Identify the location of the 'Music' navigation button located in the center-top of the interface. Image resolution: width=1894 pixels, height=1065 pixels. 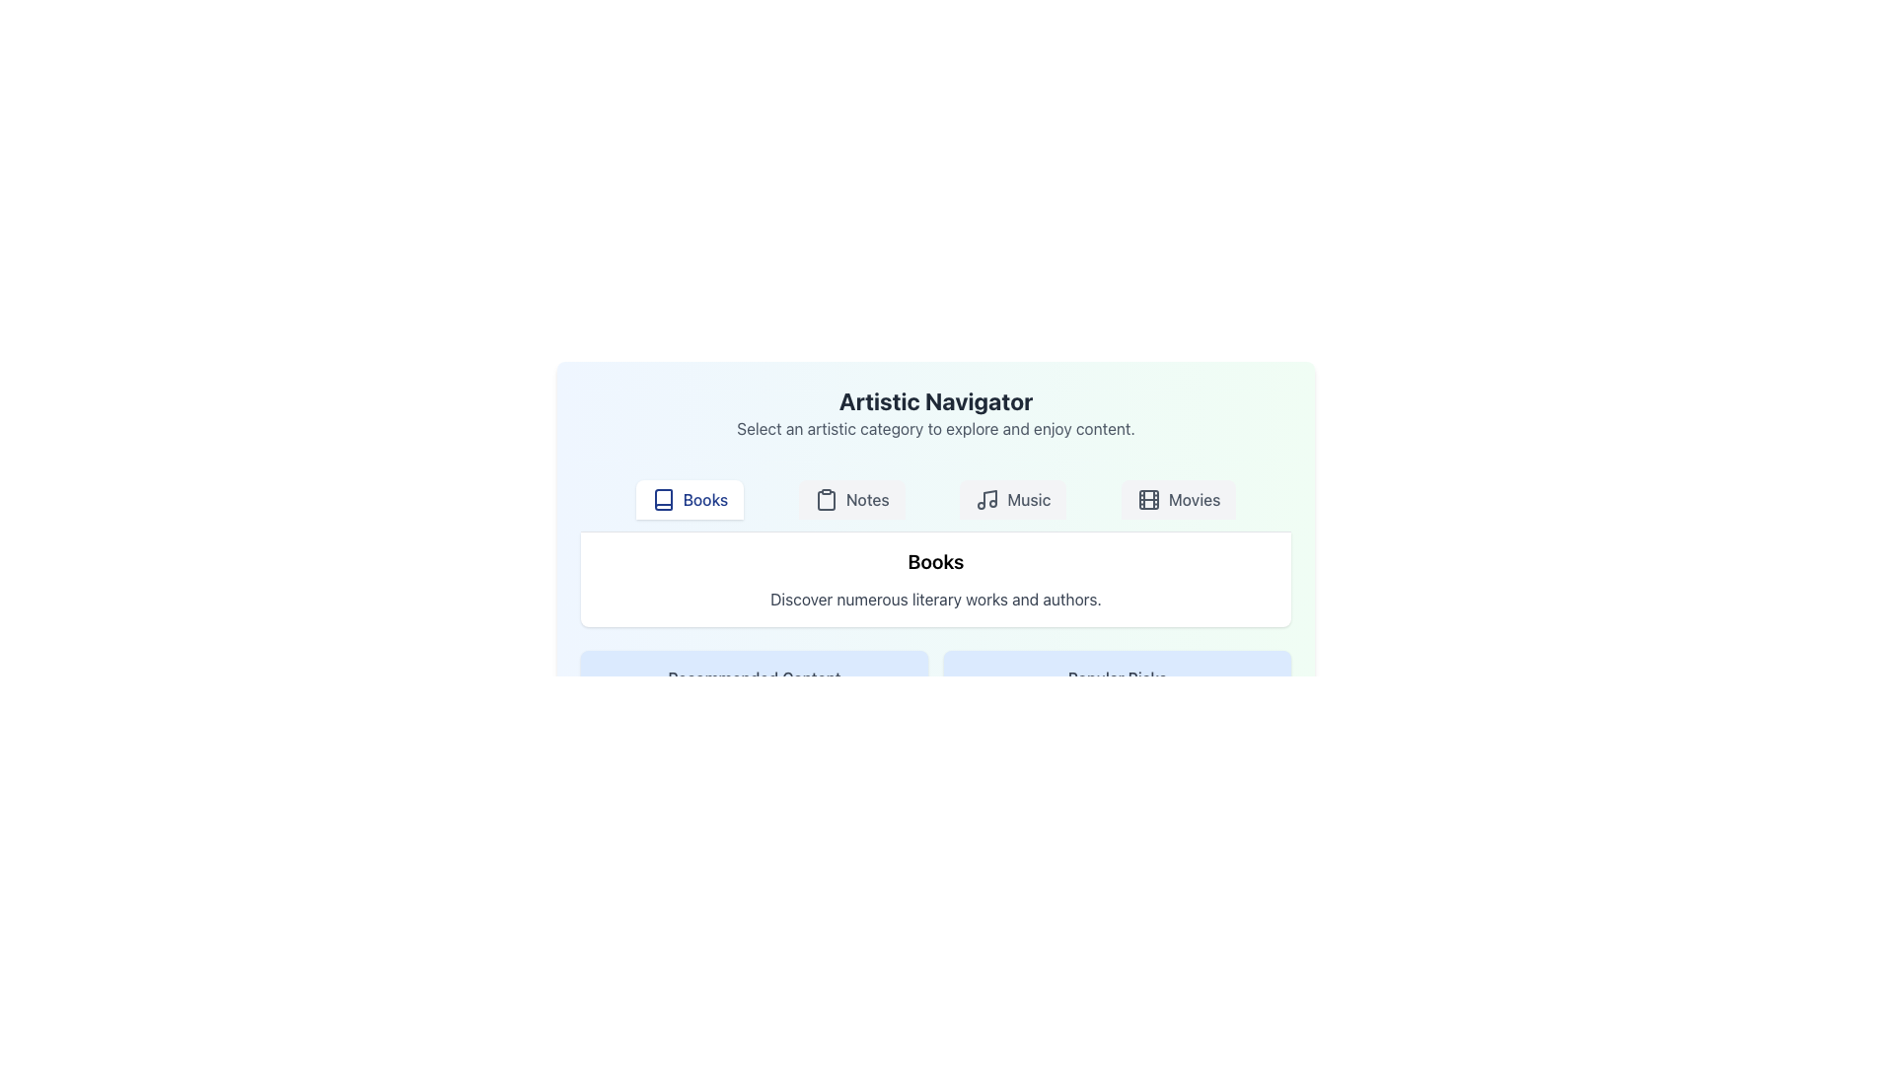
(1013, 498).